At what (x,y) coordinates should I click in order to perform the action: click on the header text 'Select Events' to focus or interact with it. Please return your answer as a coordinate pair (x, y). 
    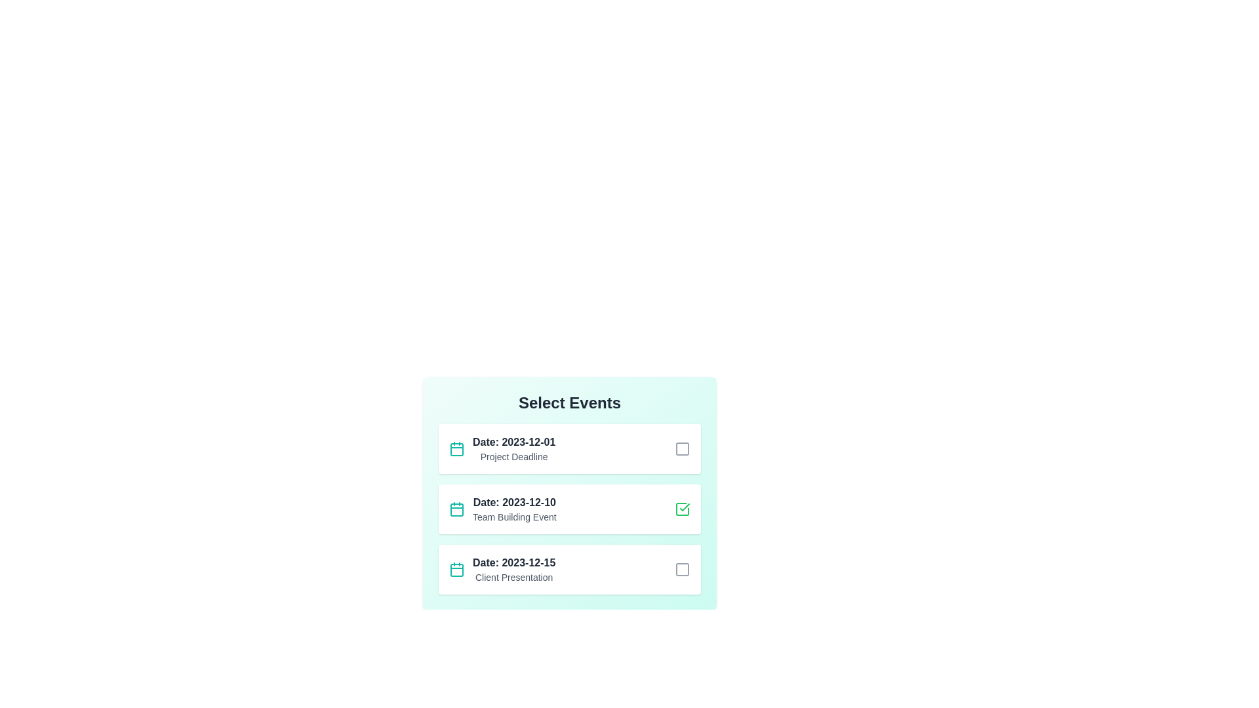
    Looking at the image, I should click on (569, 402).